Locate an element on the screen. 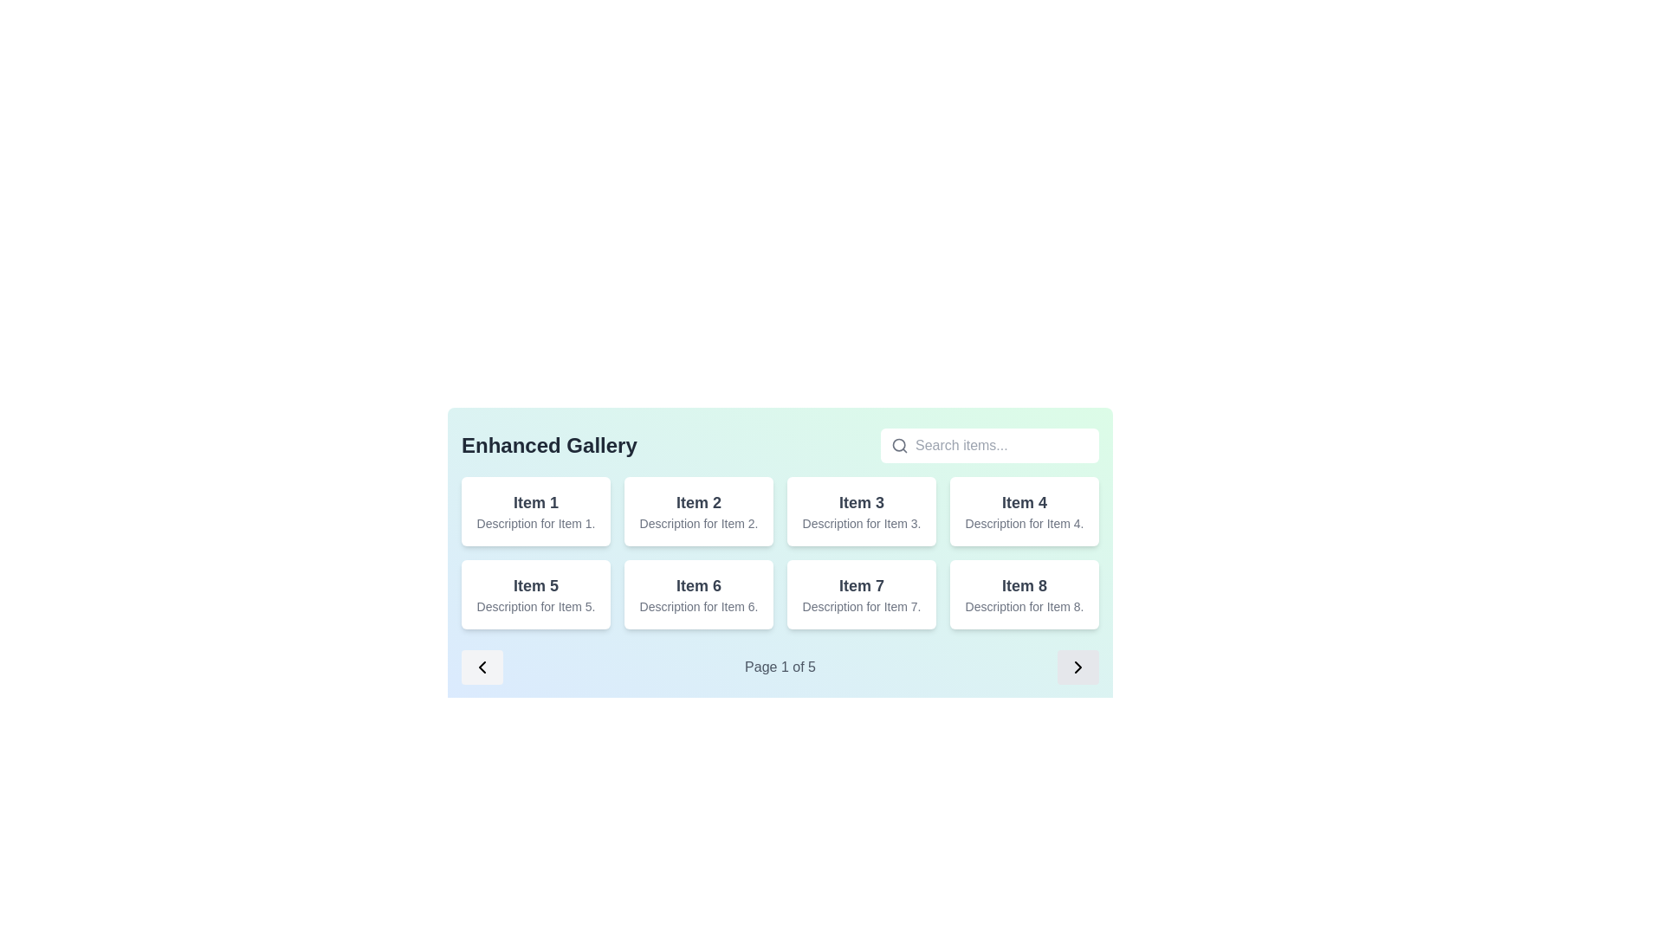  the text label displaying 'Description for Item 2.' located within the second card of the grid layout, directly below the heading 'Item 2' is located at coordinates (698, 523).